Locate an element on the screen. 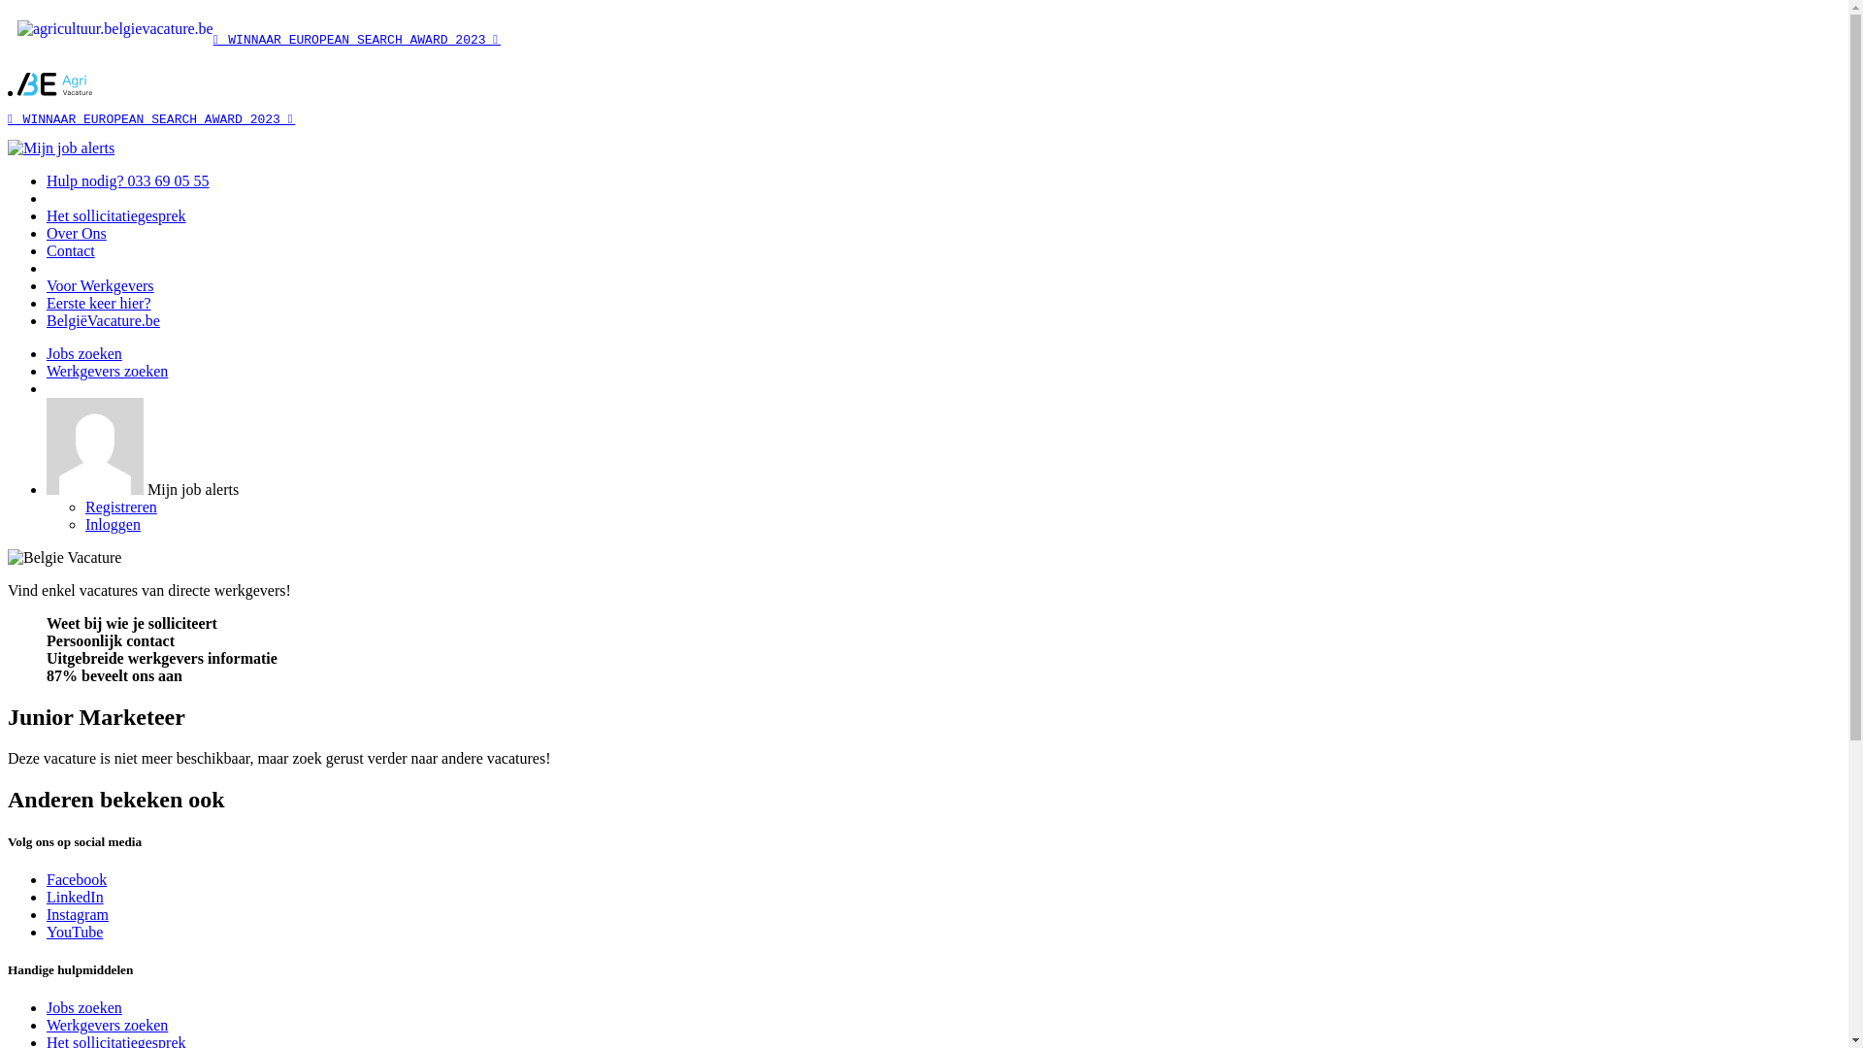 This screenshot has width=1863, height=1048. 'Voor Werkgevers' is located at coordinates (99, 285).